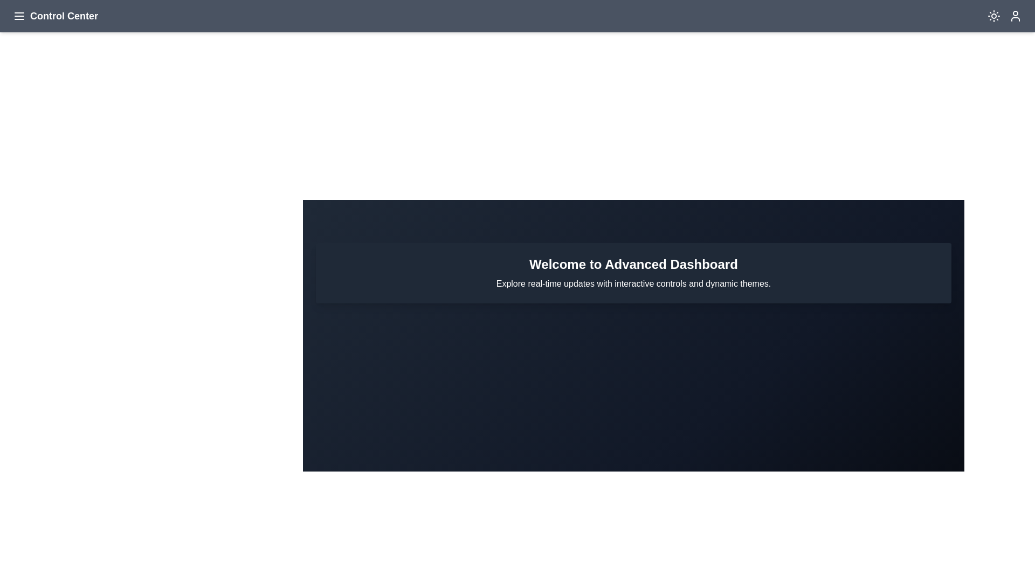 The width and height of the screenshot is (1035, 582). What do you see at coordinates (19, 16) in the screenshot?
I see `the menu icon to toggle the menu` at bounding box center [19, 16].